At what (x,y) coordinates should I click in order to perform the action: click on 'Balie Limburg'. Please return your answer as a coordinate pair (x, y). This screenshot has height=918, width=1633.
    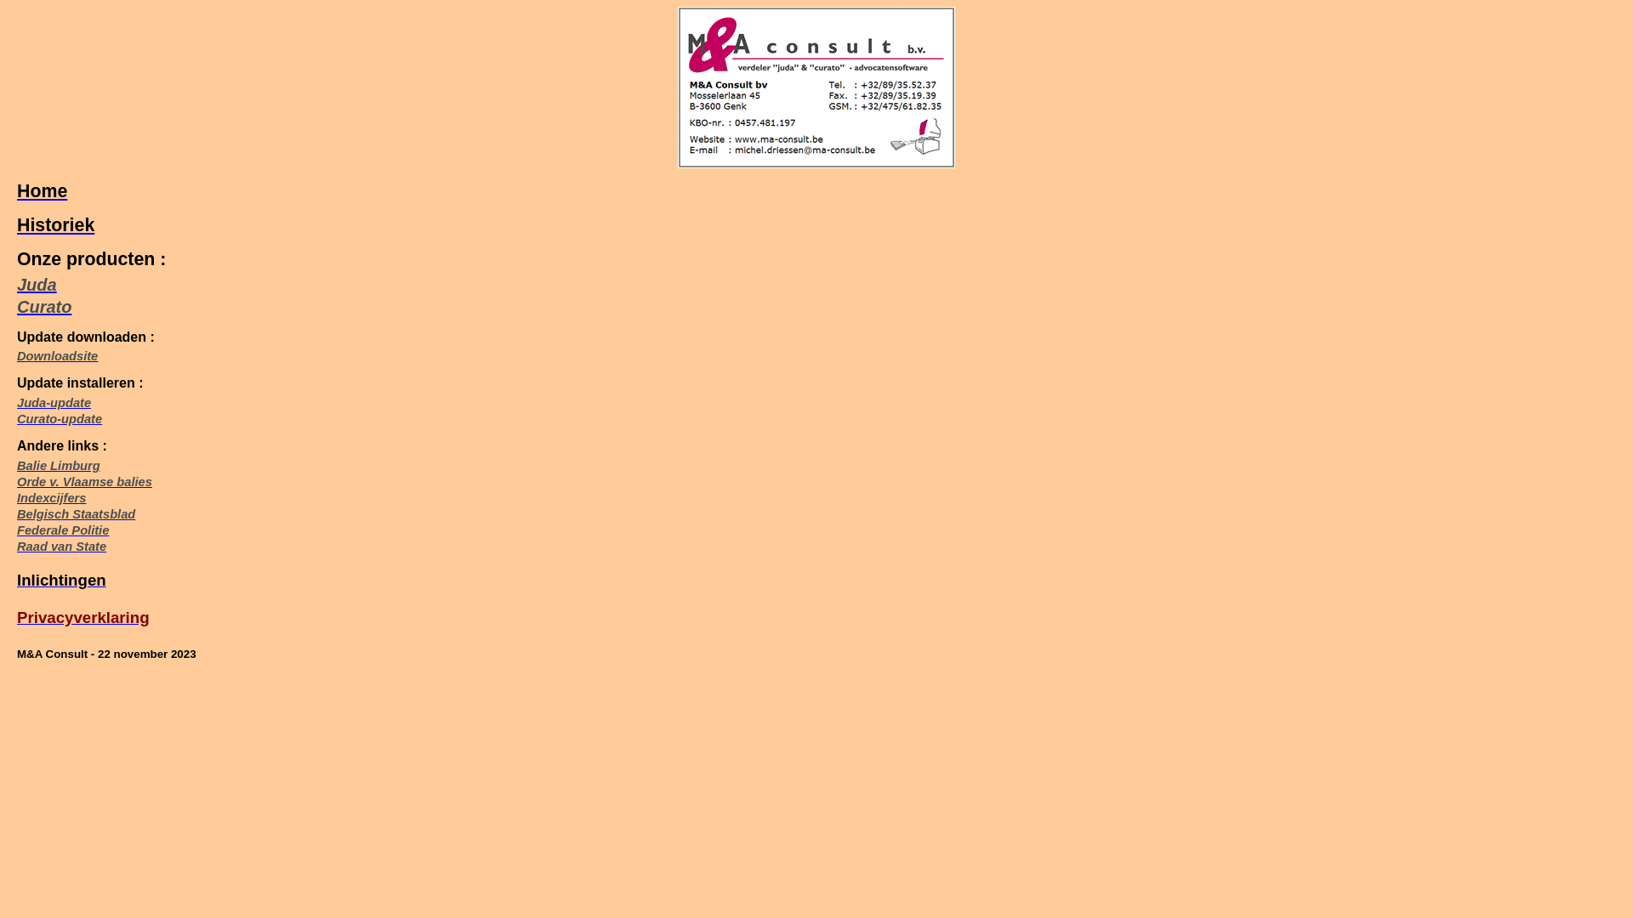
    Looking at the image, I should click on (58, 465).